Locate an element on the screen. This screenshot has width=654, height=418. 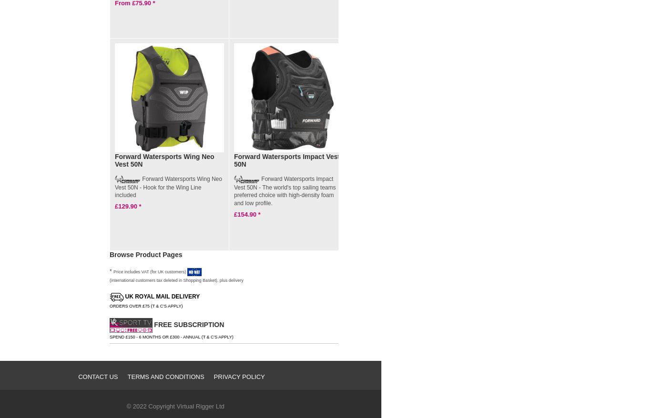
'PRIVACY POLICY' is located at coordinates (239, 376).